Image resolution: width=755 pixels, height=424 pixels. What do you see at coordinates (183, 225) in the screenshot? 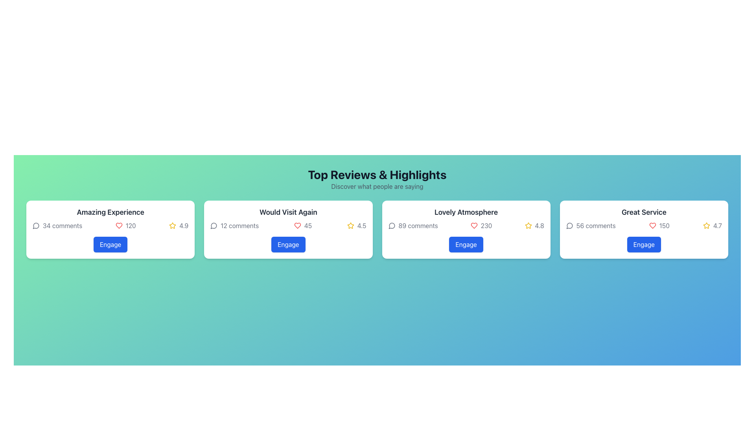
I see `the numeric text '4.9' styled in gray font, which is located to the right of a yellow star icon in the bottom-right section of the review card labeled 'Amazing Experience'` at bounding box center [183, 225].